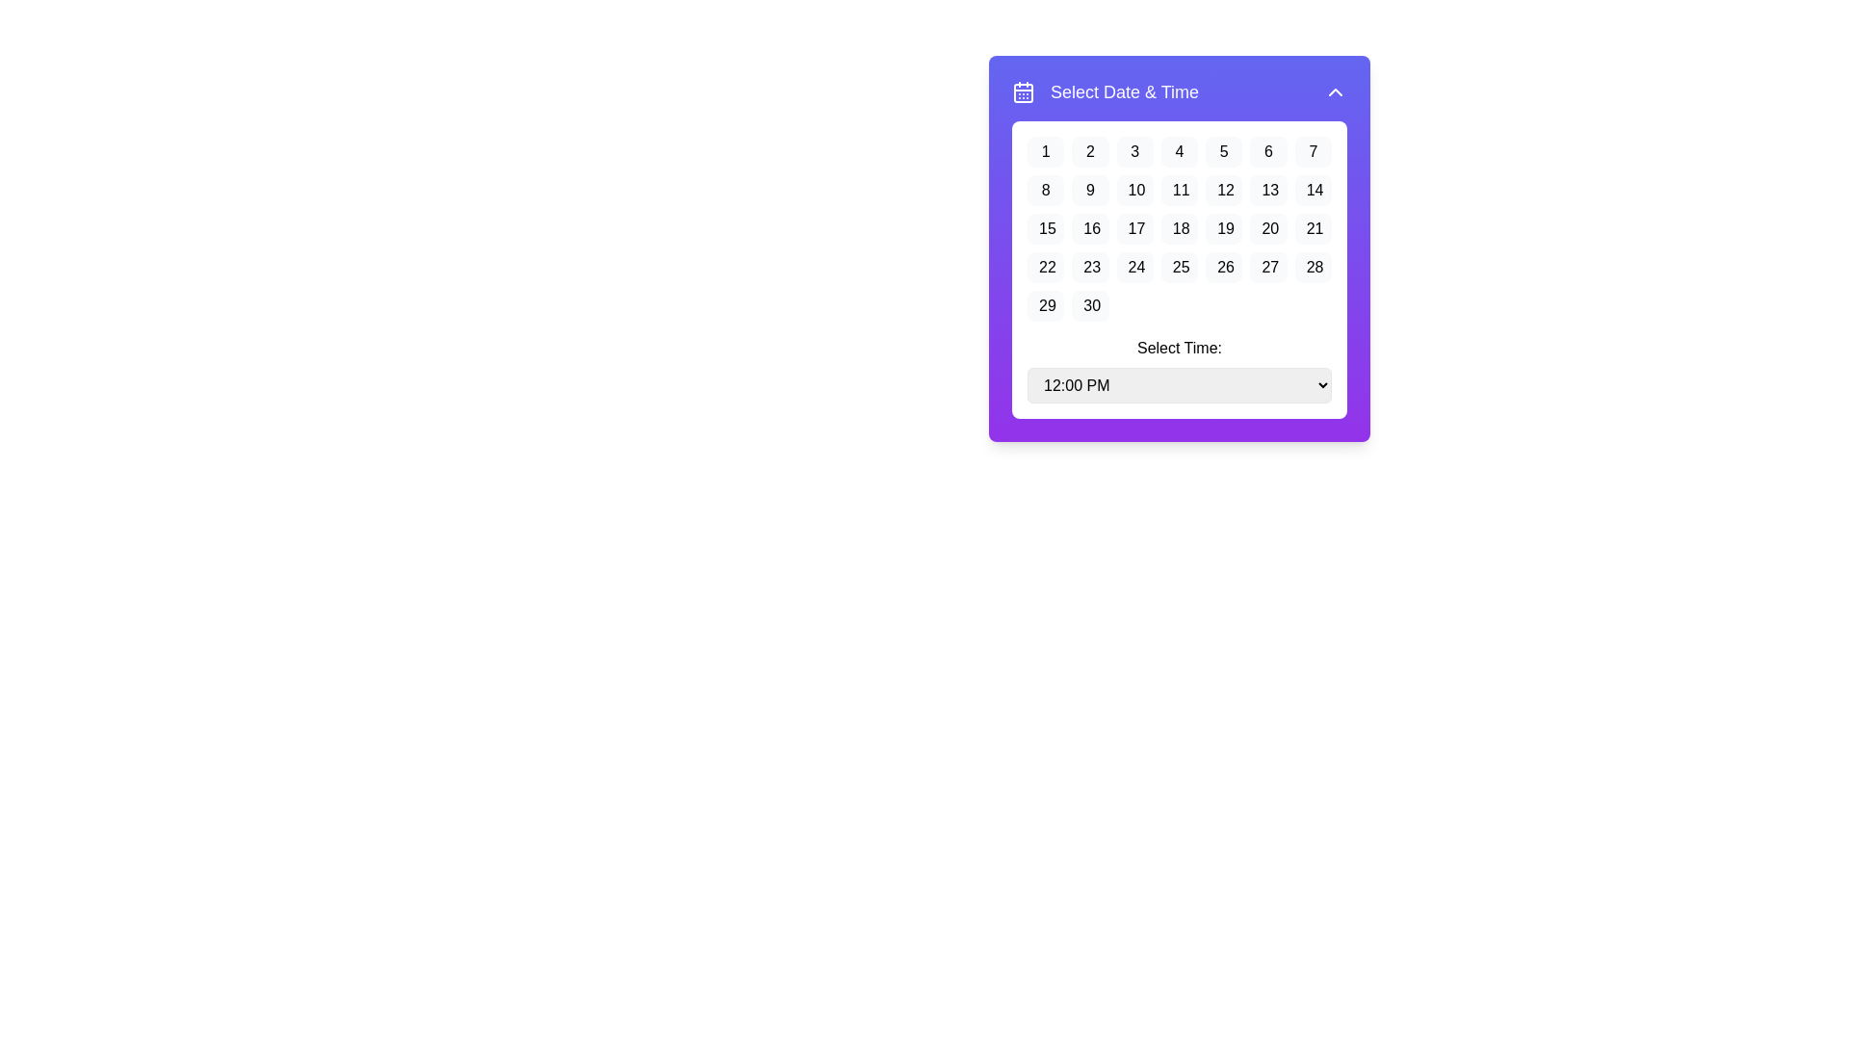 This screenshot has width=1849, height=1040. I want to click on the button representing the date value '15' in the date picker interface, so click(1045, 228).